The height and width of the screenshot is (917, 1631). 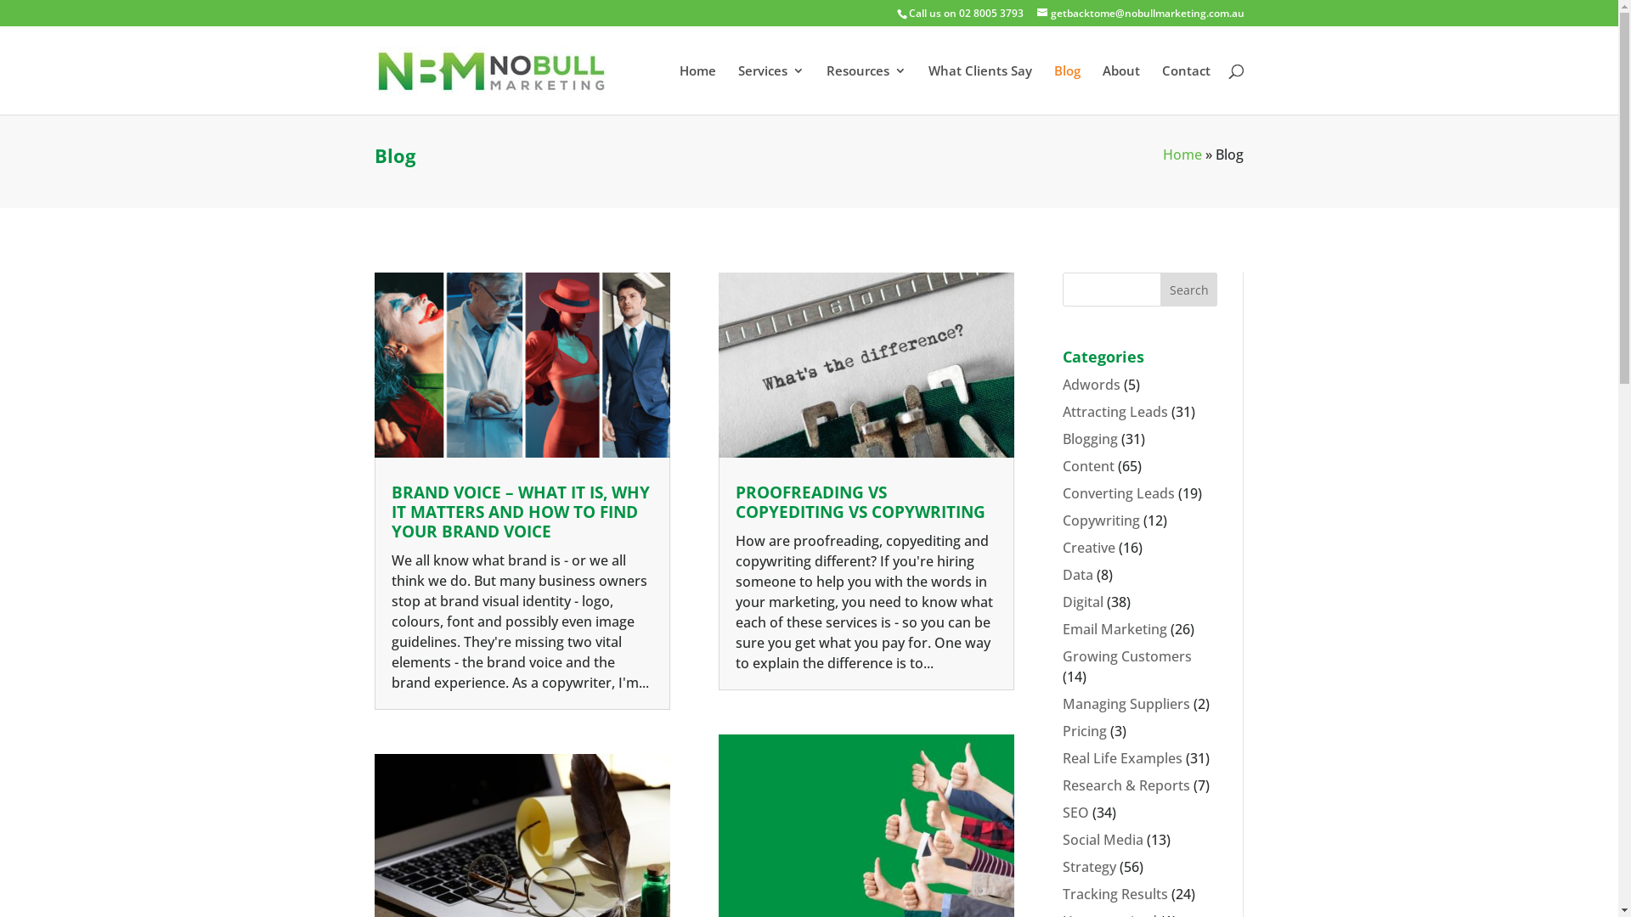 I want to click on 'SEO', so click(x=1075, y=811).